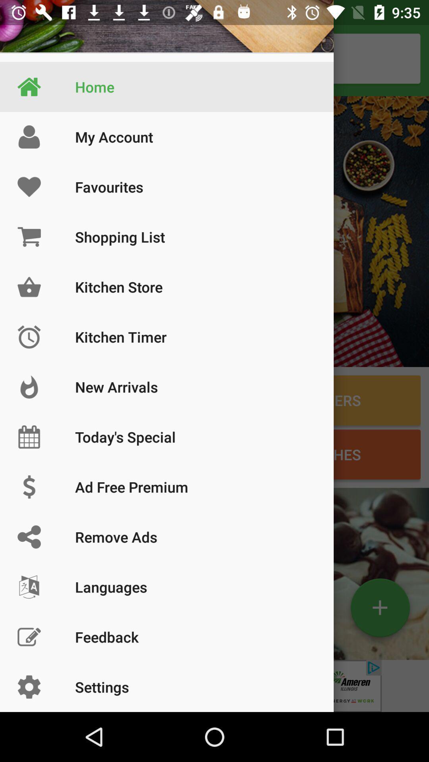  Describe the element at coordinates (379, 610) in the screenshot. I see `the add icon` at that location.